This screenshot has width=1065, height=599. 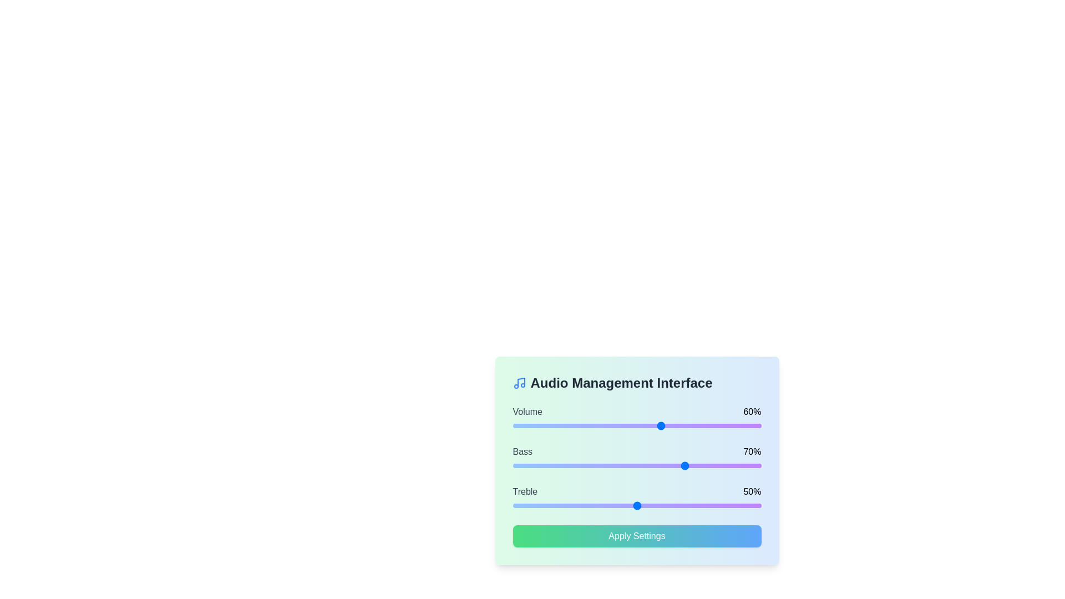 I want to click on the 'Volume' text label and value display showing '60%' in the audio management interface near the top, above the corresponding horizontal slider, so click(x=637, y=412).